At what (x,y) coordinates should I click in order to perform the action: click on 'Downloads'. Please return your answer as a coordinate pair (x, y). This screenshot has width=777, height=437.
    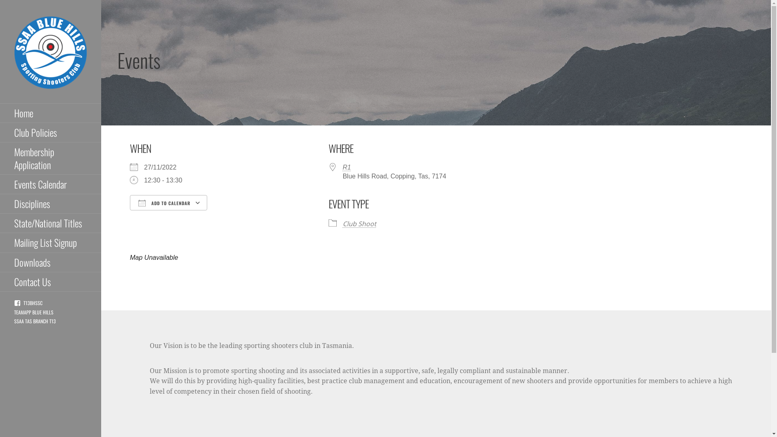
    Looking at the image, I should click on (50, 262).